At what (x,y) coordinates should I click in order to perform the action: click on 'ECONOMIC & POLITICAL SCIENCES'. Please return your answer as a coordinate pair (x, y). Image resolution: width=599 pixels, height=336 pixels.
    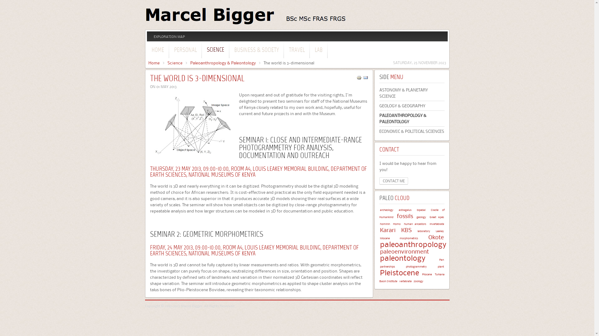
    Looking at the image, I should click on (379, 131).